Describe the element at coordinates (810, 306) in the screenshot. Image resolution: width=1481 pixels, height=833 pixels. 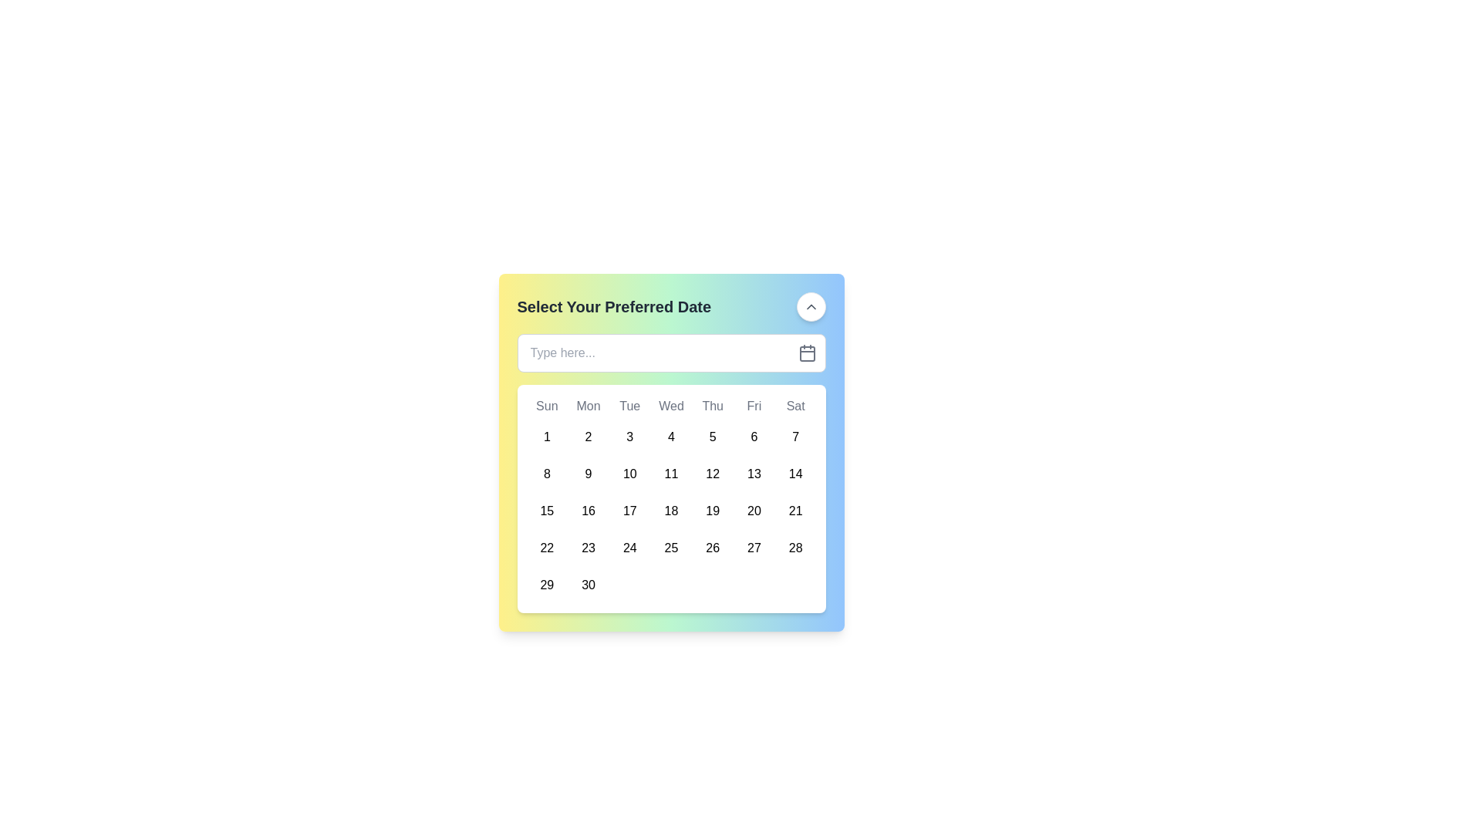
I see `the design of the small upward-pointing chevron icon located centrally inside the round button in the top-right corner of the calendar widget` at that location.